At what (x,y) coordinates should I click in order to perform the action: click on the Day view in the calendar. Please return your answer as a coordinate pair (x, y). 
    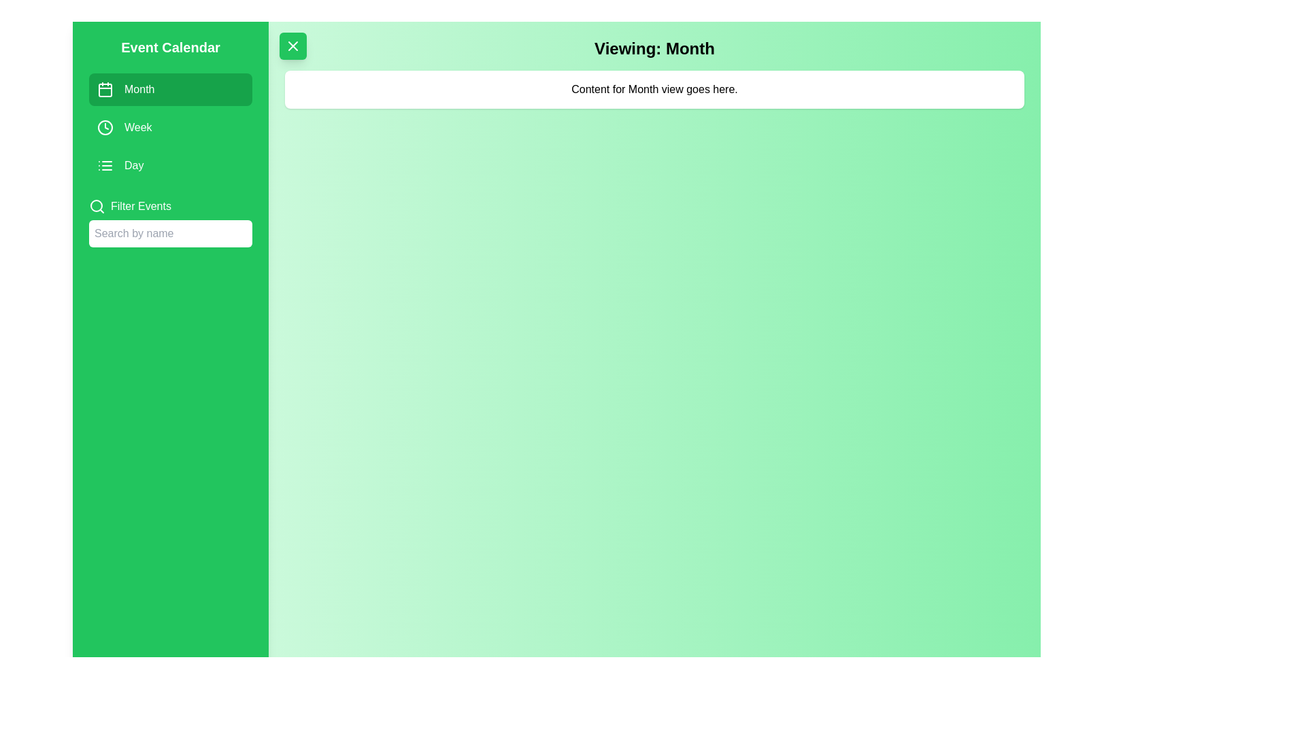
    Looking at the image, I should click on (169, 164).